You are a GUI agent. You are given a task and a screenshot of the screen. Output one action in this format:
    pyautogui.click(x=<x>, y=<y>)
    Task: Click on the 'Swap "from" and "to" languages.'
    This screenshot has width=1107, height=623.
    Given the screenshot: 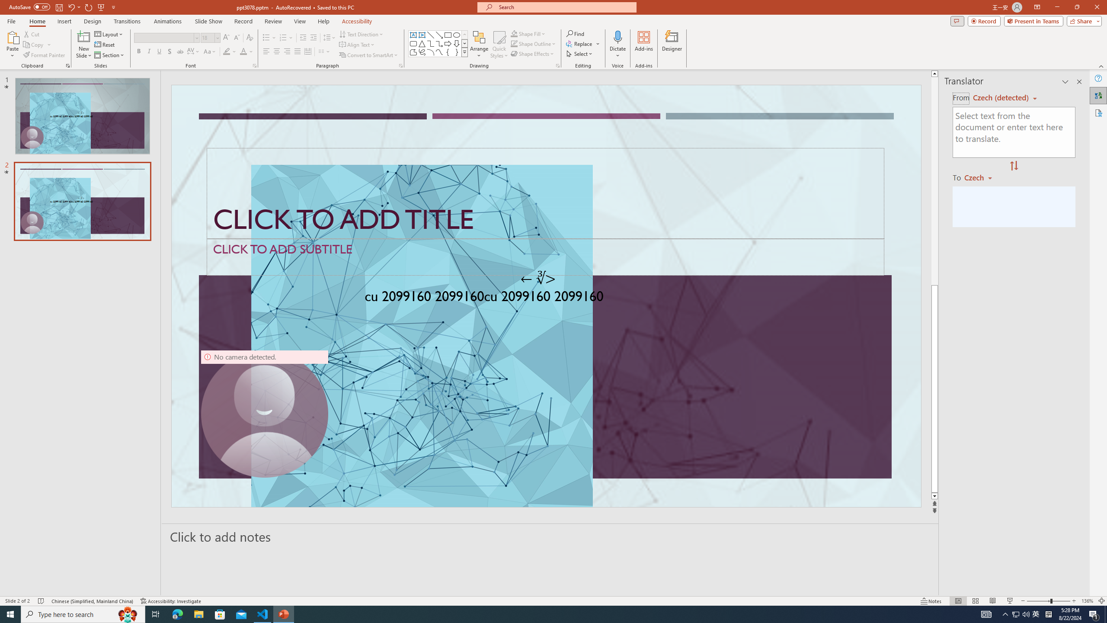 What is the action you would take?
    pyautogui.click(x=1013, y=166)
    